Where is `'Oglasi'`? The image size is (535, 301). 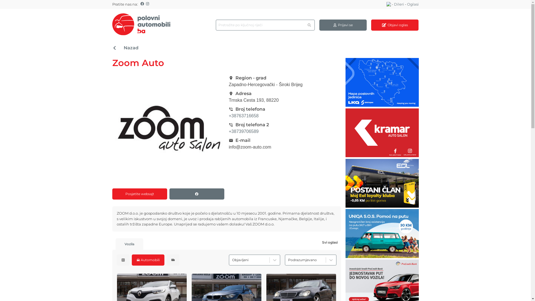
'Oglasi' is located at coordinates (413, 4).